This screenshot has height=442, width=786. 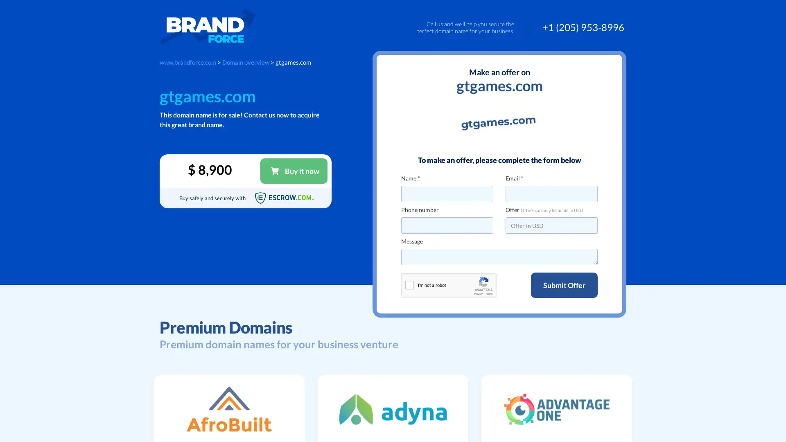 I want to click on Submit offer, so click(x=564, y=285).